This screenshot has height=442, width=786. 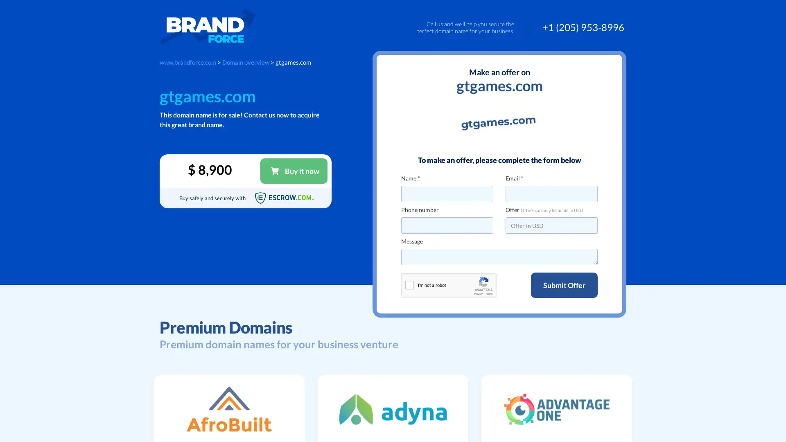 I want to click on Submit offer, so click(x=564, y=285).